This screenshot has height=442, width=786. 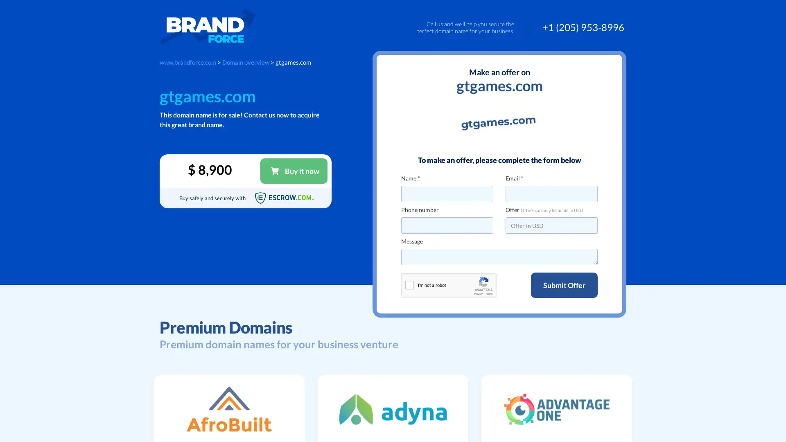 I want to click on Submit offer, so click(x=564, y=285).